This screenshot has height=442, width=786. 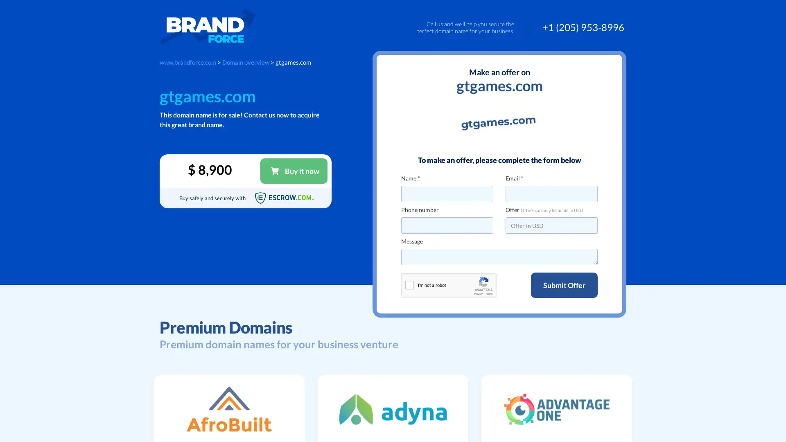 I want to click on Submit offer, so click(x=564, y=285).